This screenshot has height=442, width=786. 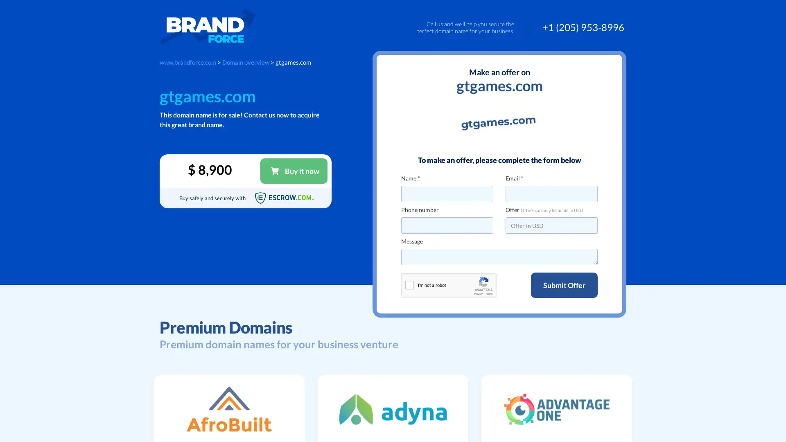 I want to click on Submit offer, so click(x=564, y=285).